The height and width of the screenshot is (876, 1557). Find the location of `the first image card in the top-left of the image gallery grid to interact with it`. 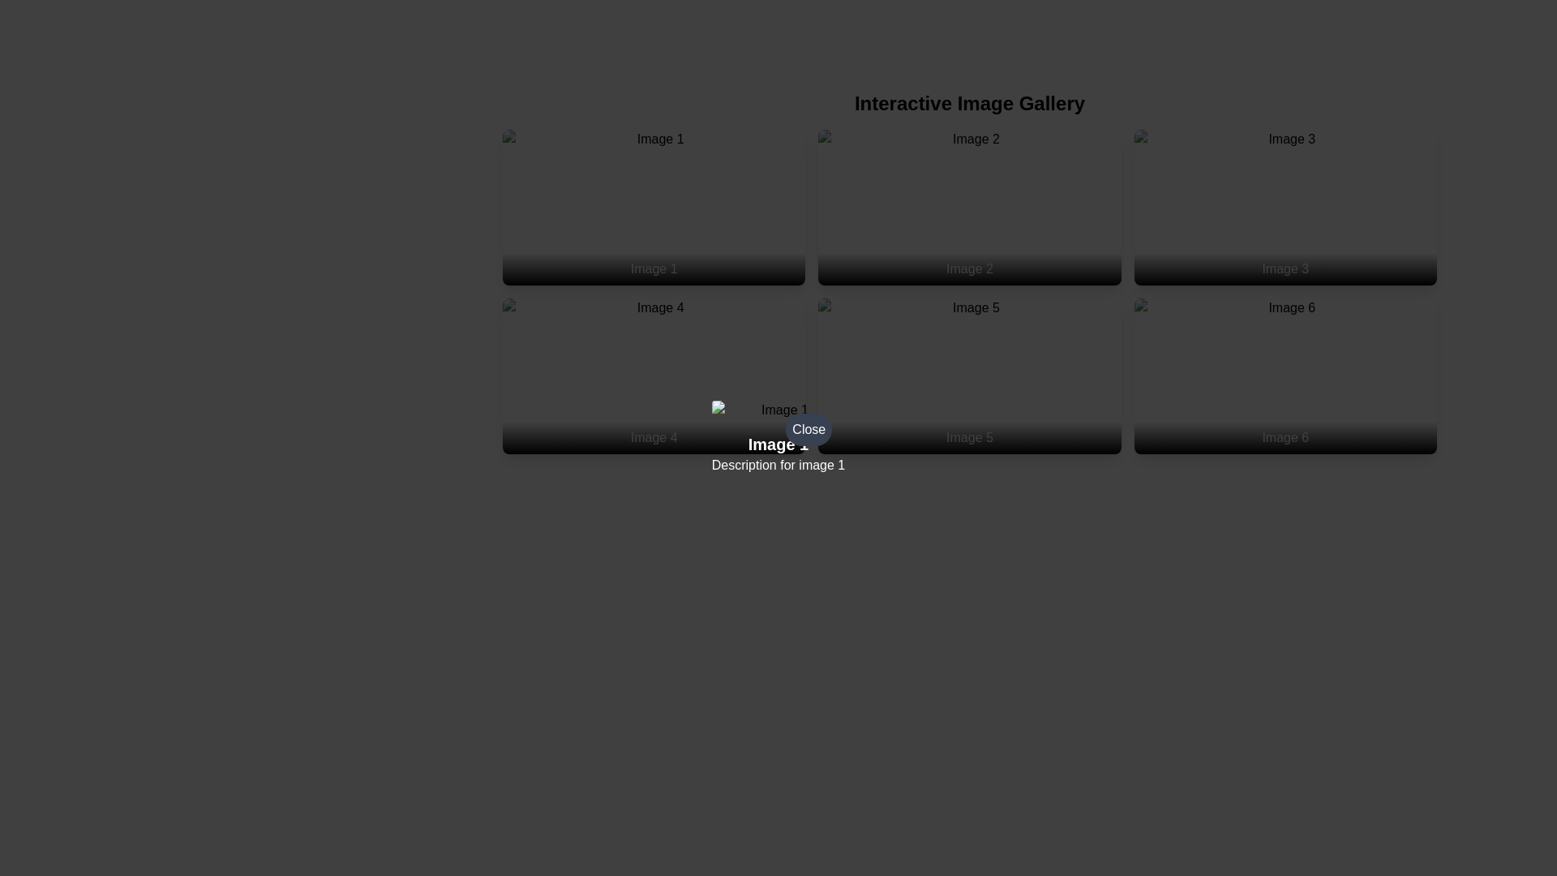

the first image card in the top-left of the image gallery grid to interact with it is located at coordinates (654, 206).